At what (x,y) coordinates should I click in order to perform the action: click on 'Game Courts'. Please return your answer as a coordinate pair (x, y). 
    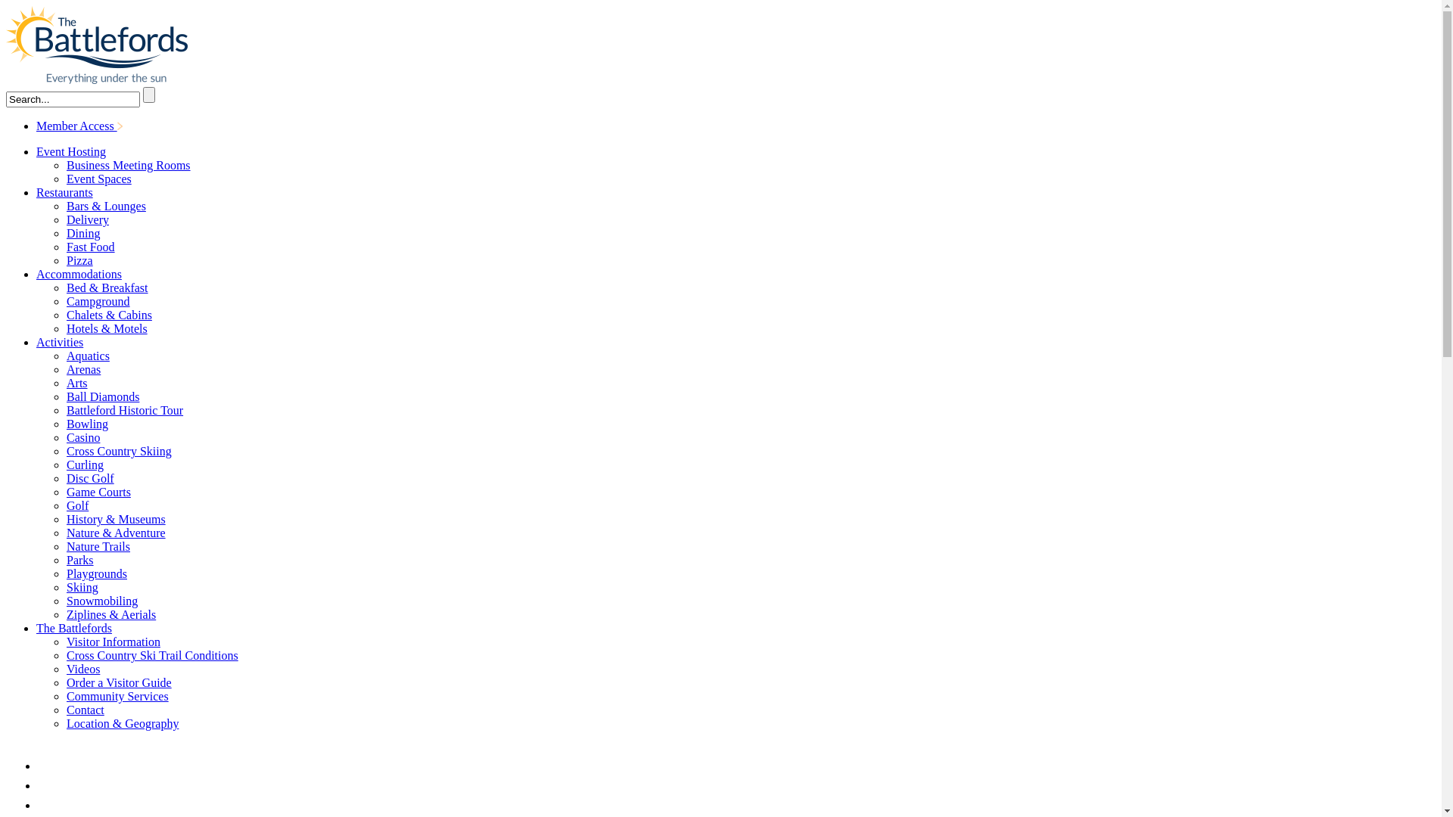
    Looking at the image, I should click on (98, 492).